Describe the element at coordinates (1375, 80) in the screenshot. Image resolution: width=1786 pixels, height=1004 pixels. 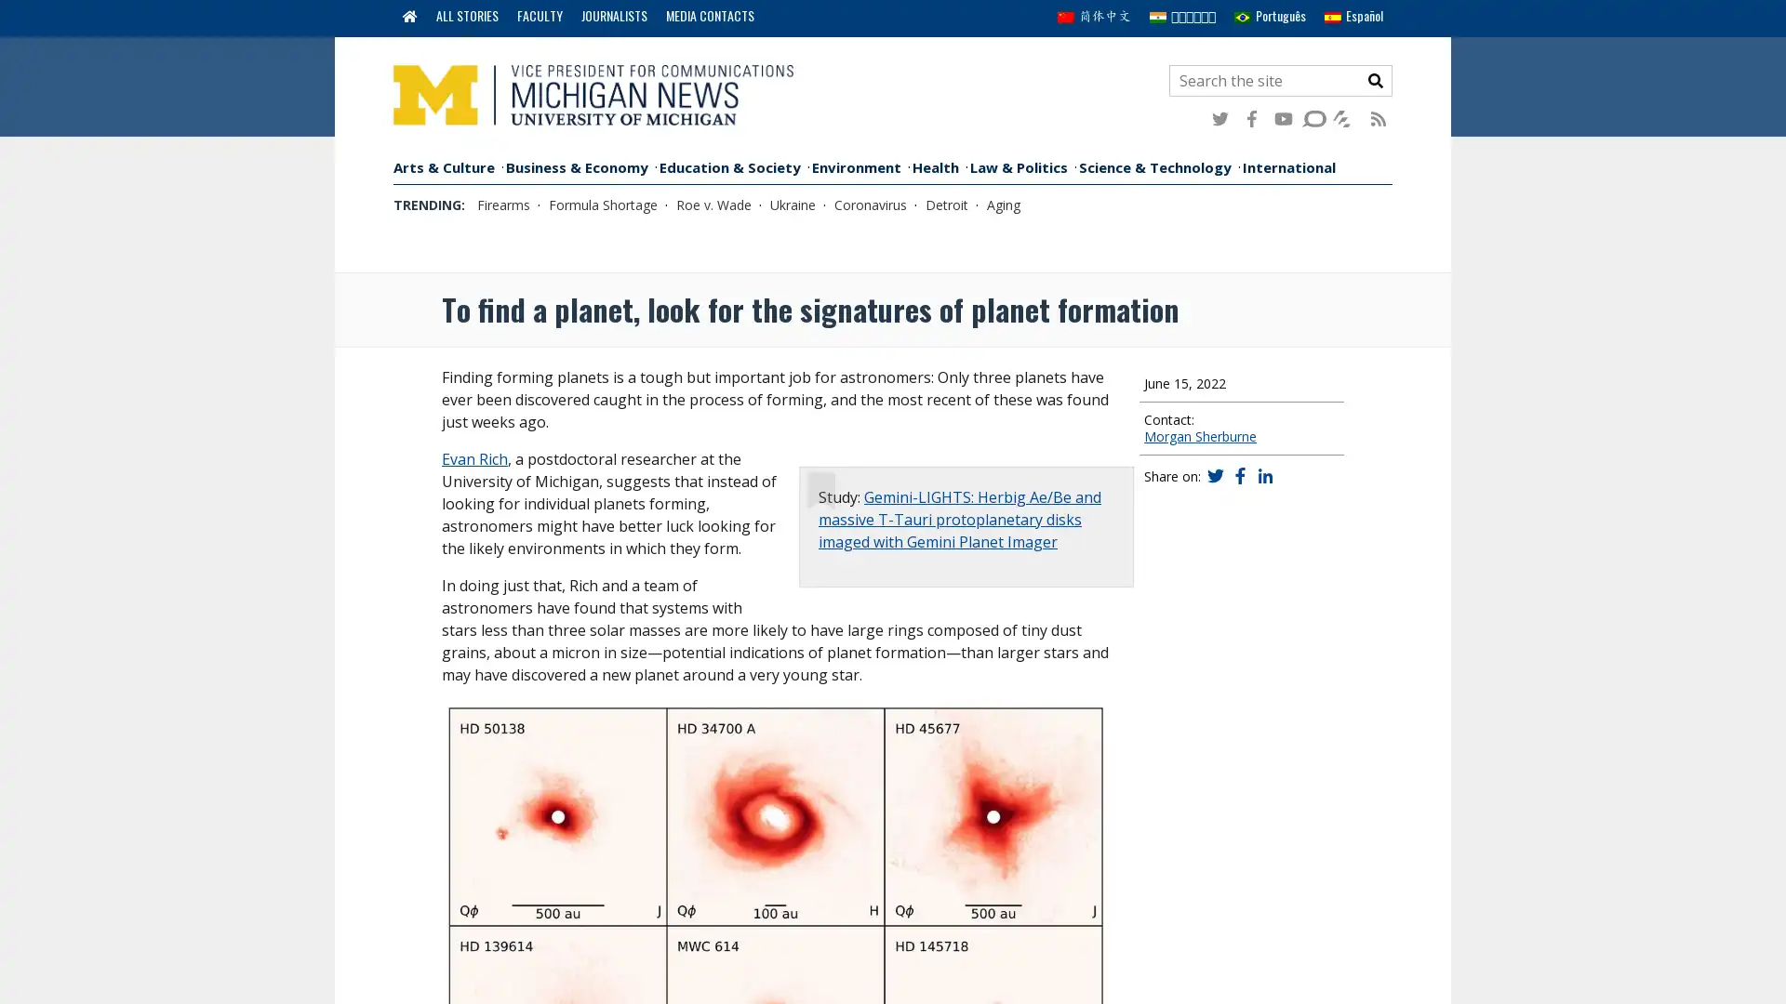
I see `Search` at that location.